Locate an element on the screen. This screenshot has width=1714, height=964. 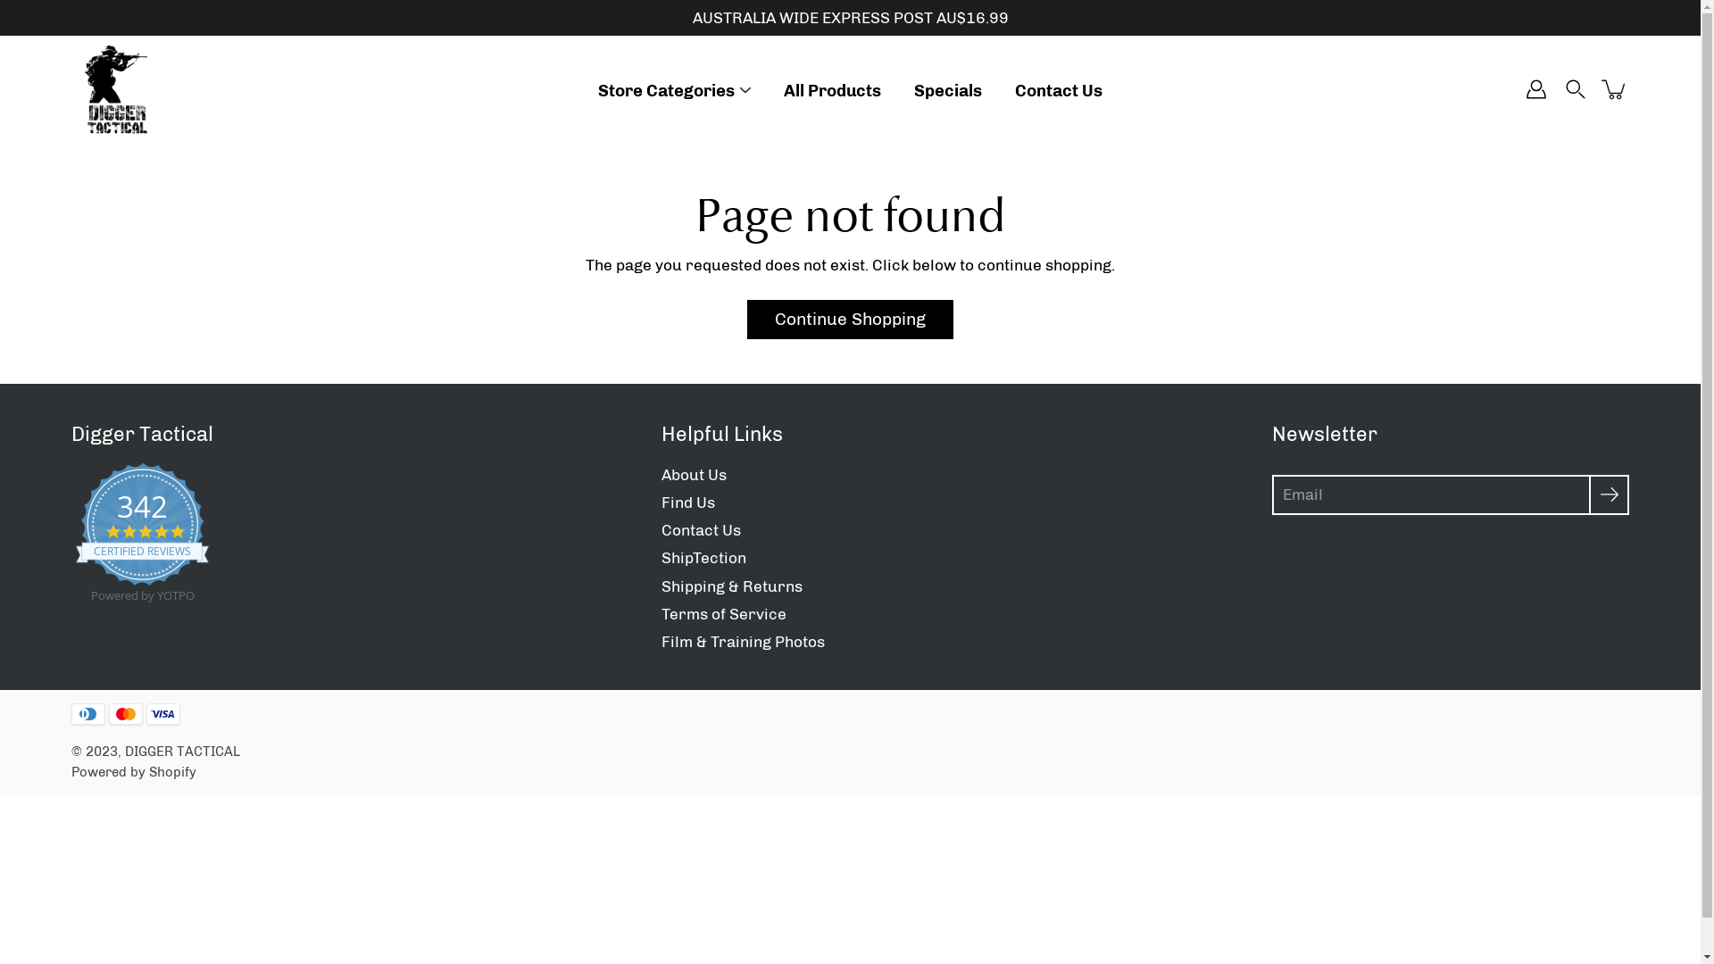
'Contact Us' is located at coordinates (1058, 90).